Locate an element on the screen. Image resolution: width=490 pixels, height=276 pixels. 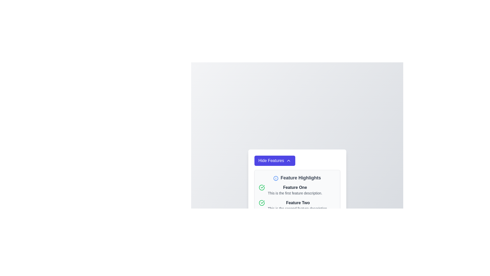
the Informational block titled 'Feature Two' with the description 'This is the second feature description.' is located at coordinates (297, 205).